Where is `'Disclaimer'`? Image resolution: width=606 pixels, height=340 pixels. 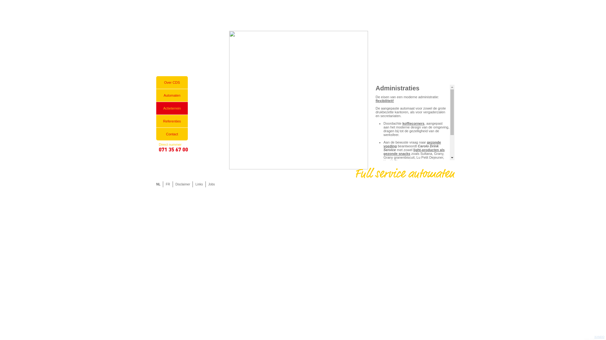
'Disclaimer' is located at coordinates (182, 184).